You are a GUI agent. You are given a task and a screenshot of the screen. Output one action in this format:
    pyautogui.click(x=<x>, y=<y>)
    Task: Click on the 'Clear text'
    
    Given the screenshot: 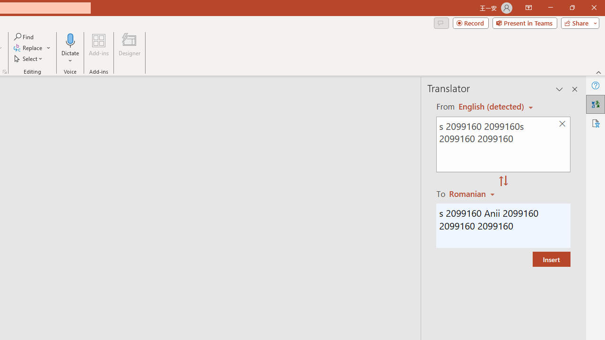 What is the action you would take?
    pyautogui.click(x=562, y=124)
    